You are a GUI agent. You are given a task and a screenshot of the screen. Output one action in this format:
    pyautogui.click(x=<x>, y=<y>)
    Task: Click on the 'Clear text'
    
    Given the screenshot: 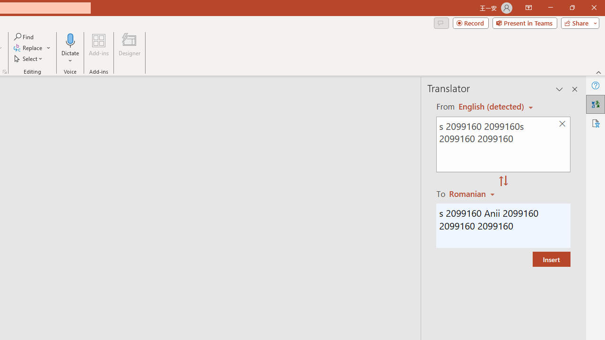 What is the action you would take?
    pyautogui.click(x=562, y=124)
    